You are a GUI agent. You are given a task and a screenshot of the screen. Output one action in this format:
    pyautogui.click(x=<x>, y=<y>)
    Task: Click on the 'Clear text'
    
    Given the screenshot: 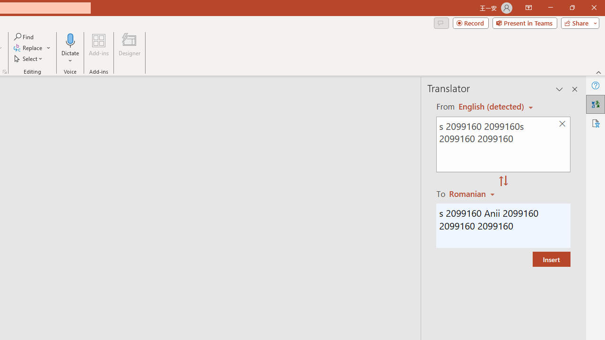 What is the action you would take?
    pyautogui.click(x=562, y=124)
    